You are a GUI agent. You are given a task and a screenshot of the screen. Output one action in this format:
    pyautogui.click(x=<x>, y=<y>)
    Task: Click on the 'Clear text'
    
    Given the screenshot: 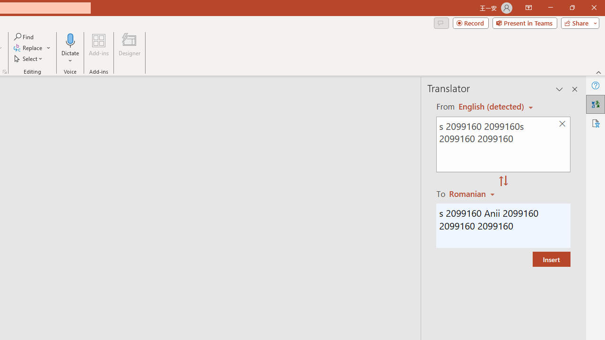 What is the action you would take?
    pyautogui.click(x=562, y=124)
    